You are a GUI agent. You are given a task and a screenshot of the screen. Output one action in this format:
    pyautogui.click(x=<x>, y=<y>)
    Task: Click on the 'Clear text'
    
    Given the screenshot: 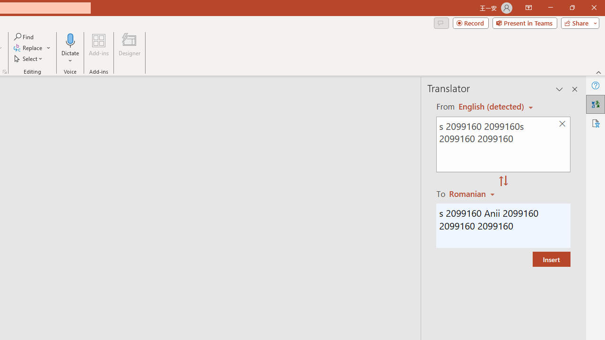 What is the action you would take?
    pyautogui.click(x=562, y=124)
    